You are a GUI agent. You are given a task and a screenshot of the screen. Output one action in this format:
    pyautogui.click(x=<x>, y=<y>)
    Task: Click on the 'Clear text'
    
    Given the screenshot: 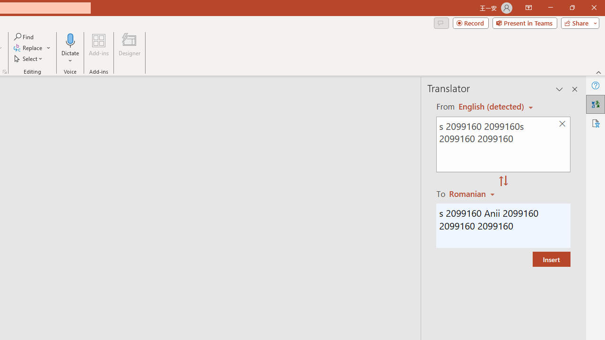 What is the action you would take?
    pyautogui.click(x=562, y=124)
    